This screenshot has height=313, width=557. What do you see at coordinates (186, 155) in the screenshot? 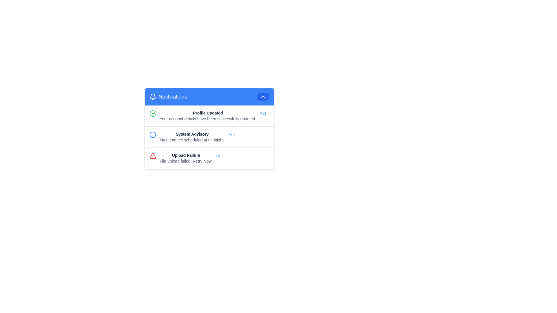
I see `the text label displaying 'Upload Failure' which is bold and dark gray, located in the notification about an upload failure` at bounding box center [186, 155].